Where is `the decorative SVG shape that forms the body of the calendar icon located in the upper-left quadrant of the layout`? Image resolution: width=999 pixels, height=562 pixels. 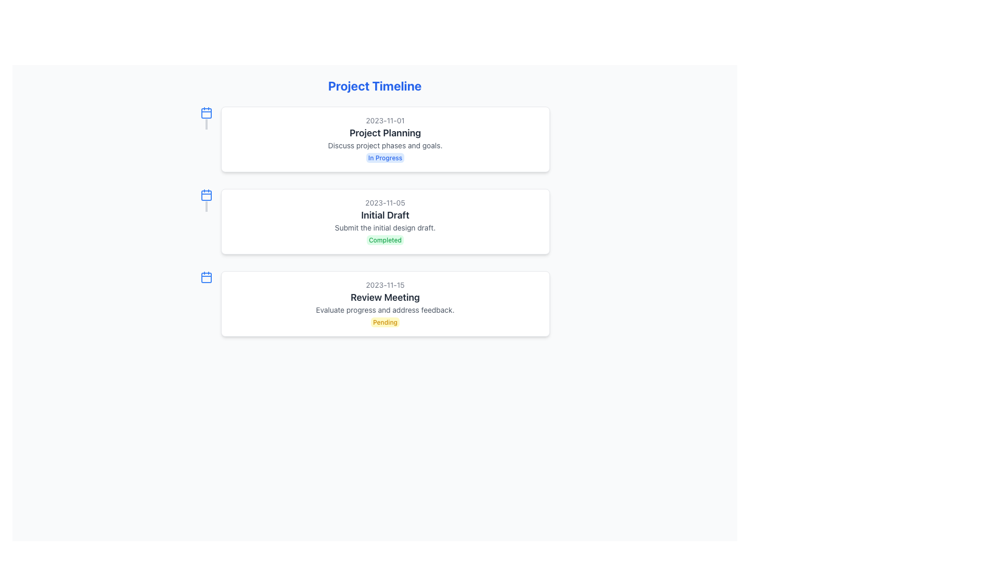 the decorative SVG shape that forms the body of the calendar icon located in the upper-left quadrant of the layout is located at coordinates (206, 113).